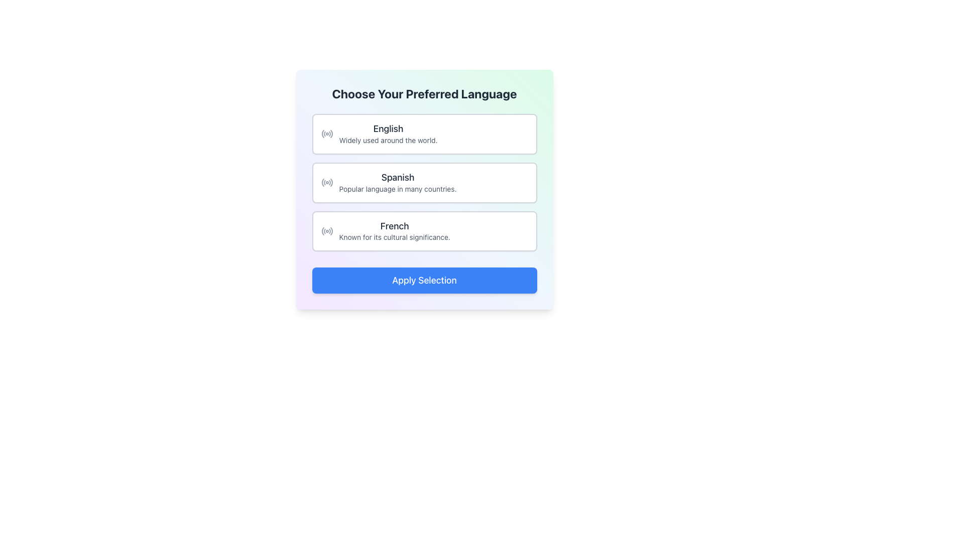  Describe the element at coordinates (327, 231) in the screenshot. I see `the decorative radio button indicator for the 'French' language option, which provides visual feedback for selection` at that location.